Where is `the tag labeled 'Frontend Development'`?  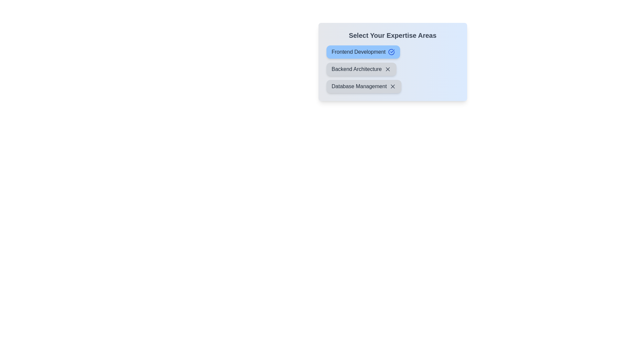 the tag labeled 'Frontend Development' is located at coordinates (363, 52).